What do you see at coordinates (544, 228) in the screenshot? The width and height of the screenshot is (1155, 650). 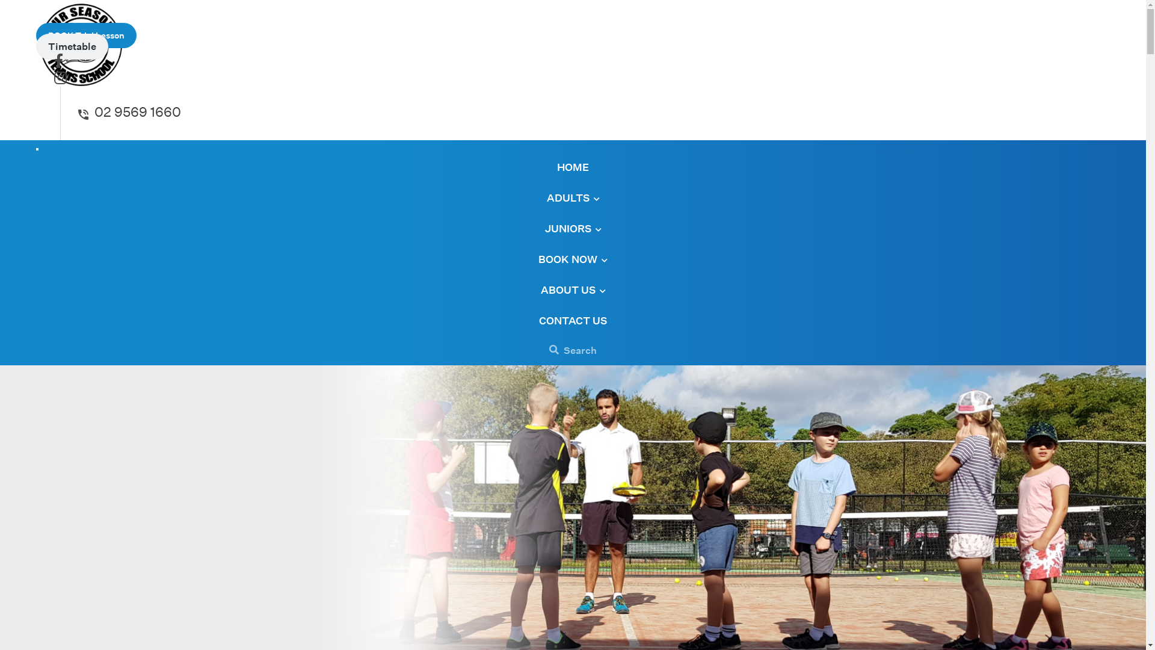 I see `'JUNIORS'` at bounding box center [544, 228].